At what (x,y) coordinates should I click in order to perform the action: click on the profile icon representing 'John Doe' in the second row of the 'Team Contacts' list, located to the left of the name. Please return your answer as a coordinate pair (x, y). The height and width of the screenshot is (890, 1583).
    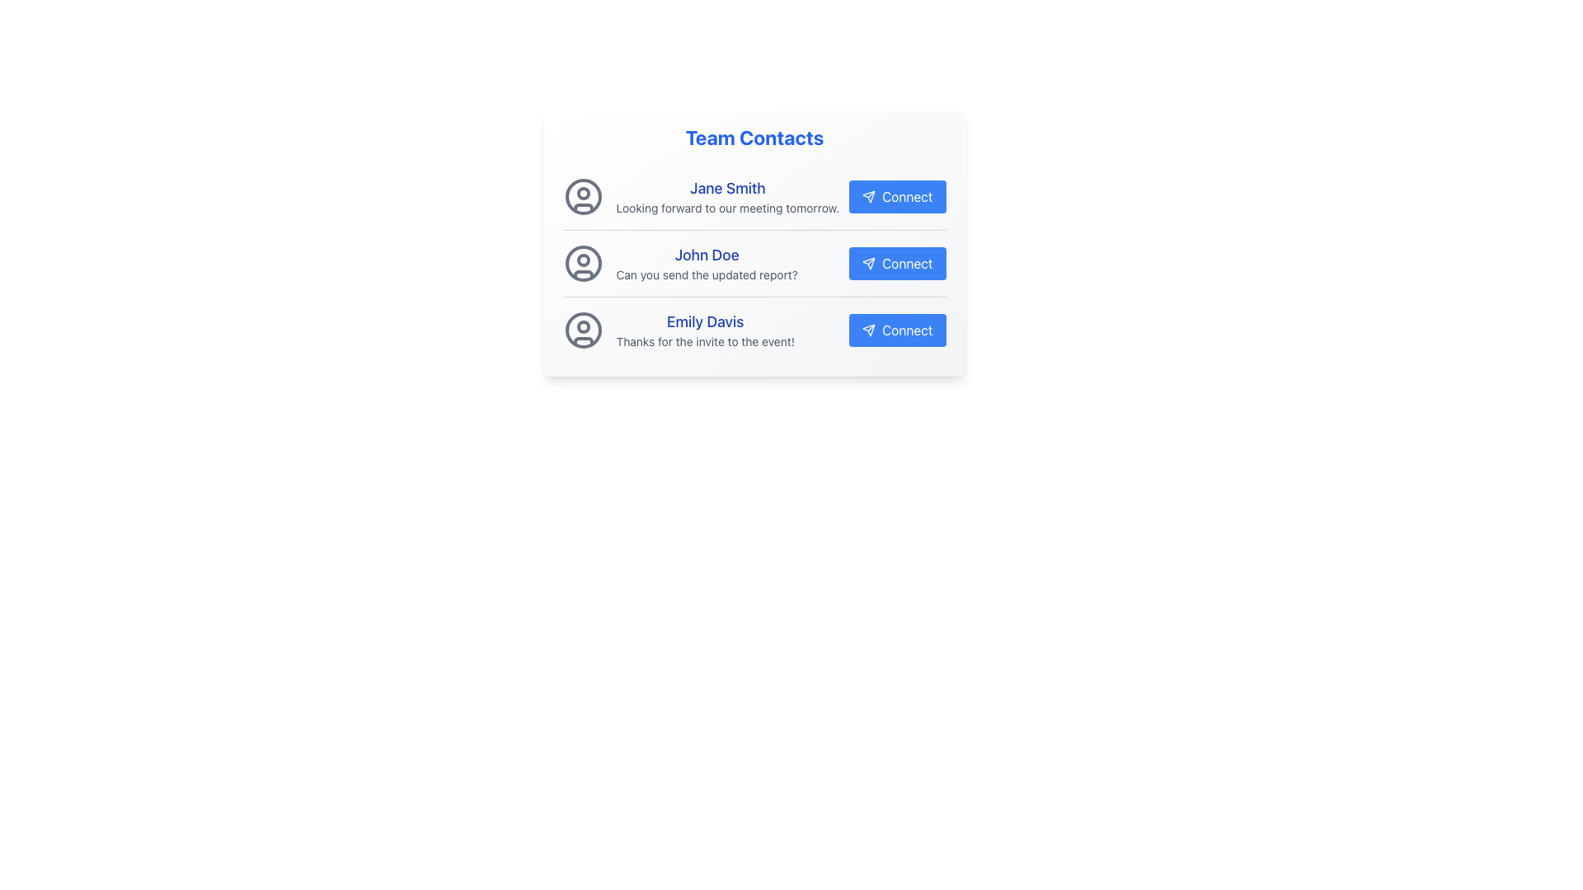
    Looking at the image, I should click on (583, 263).